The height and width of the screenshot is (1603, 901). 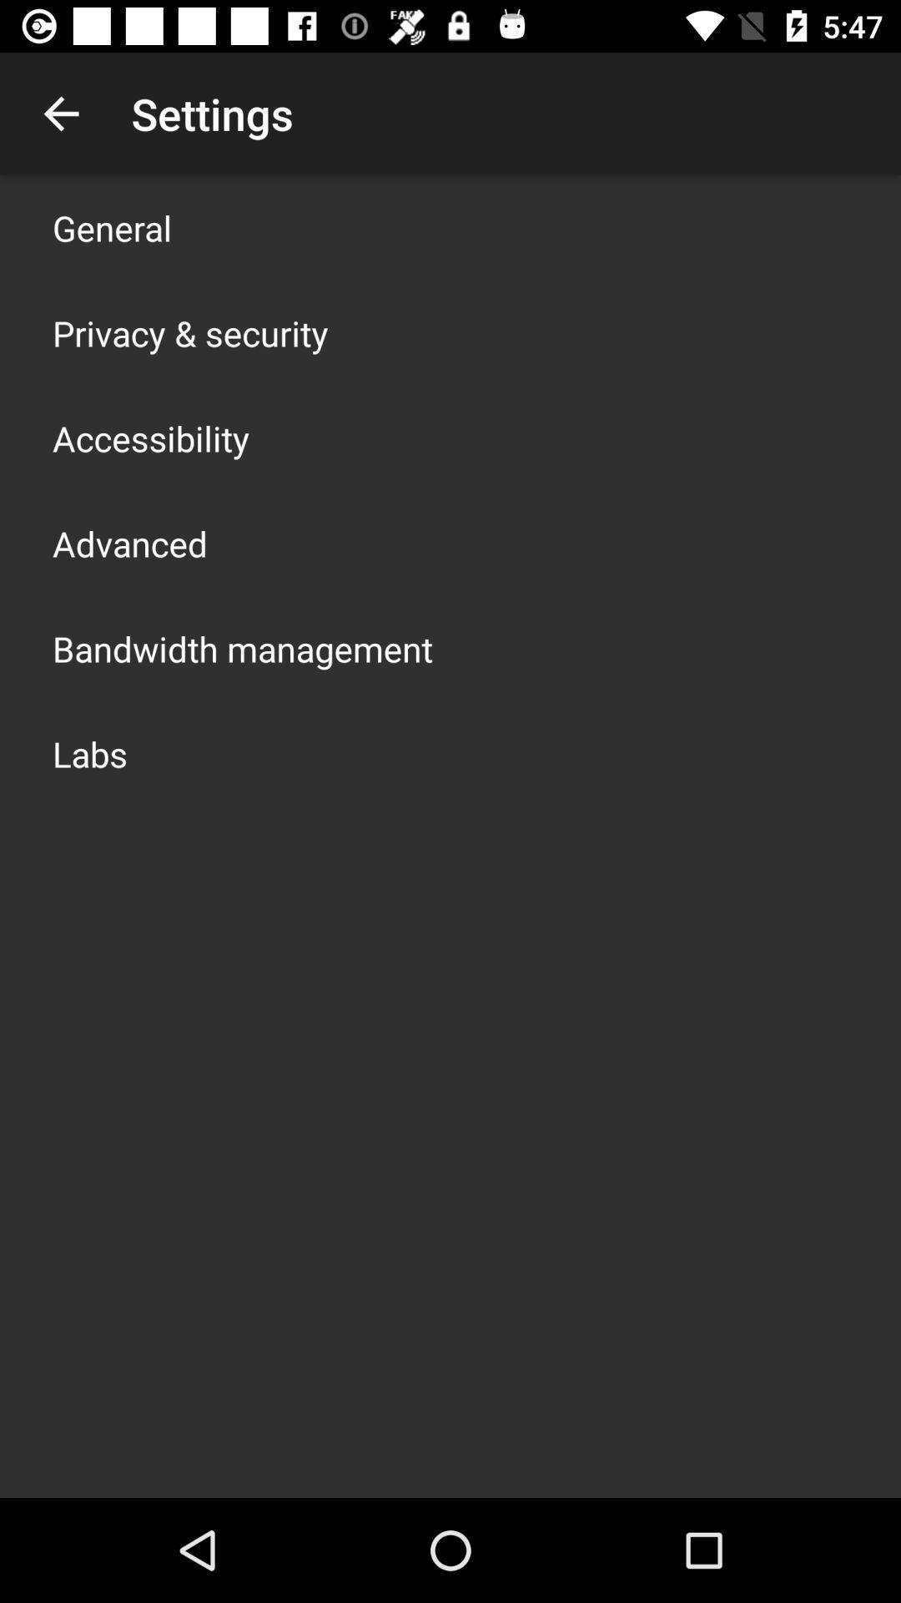 I want to click on the item above bandwidth management app, so click(x=128, y=544).